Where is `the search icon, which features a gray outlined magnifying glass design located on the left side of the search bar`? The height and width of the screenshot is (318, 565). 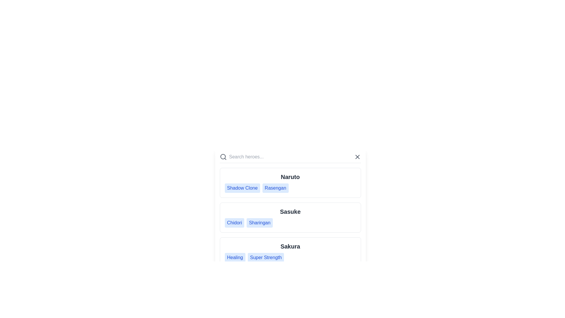
the search icon, which features a gray outlined magnifying glass design located on the left side of the search bar is located at coordinates (223, 156).